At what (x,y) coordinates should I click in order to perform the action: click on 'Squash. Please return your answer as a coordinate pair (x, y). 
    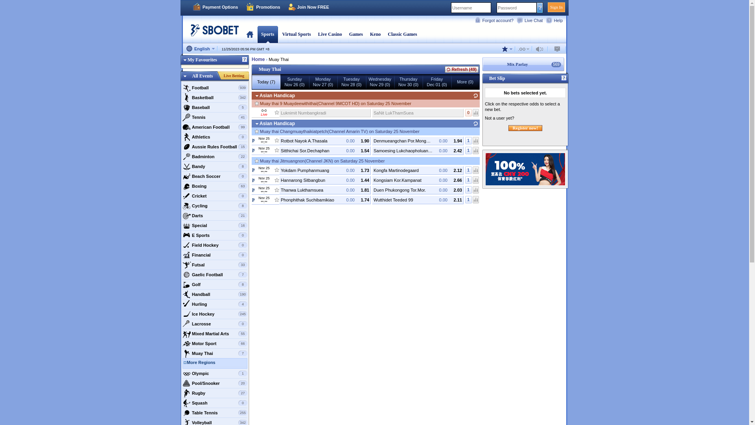
    Looking at the image, I should click on (215, 403).